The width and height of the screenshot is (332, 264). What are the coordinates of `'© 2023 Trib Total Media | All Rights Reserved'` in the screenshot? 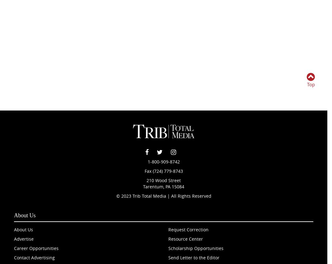 It's located at (116, 196).